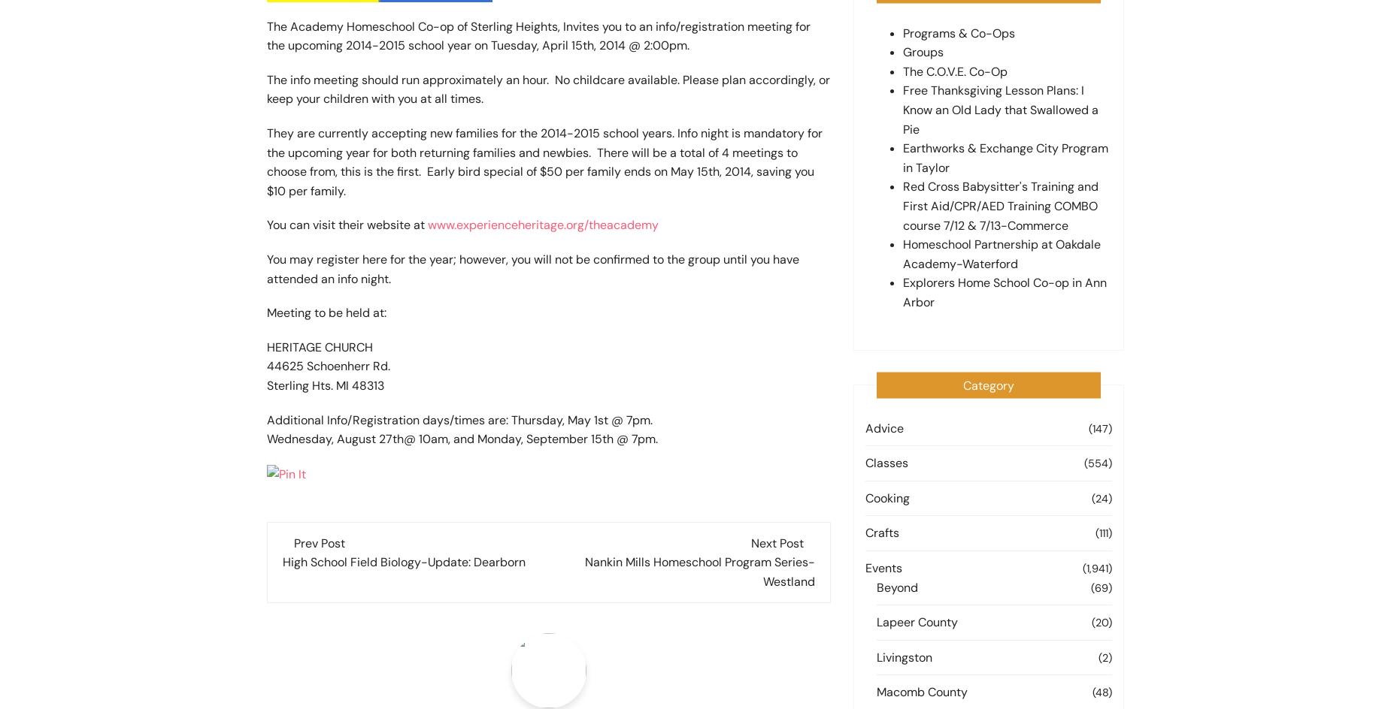 The height and width of the screenshot is (709, 1391). I want to click on 'High School Field Biology-Update: Dearborn', so click(404, 562).